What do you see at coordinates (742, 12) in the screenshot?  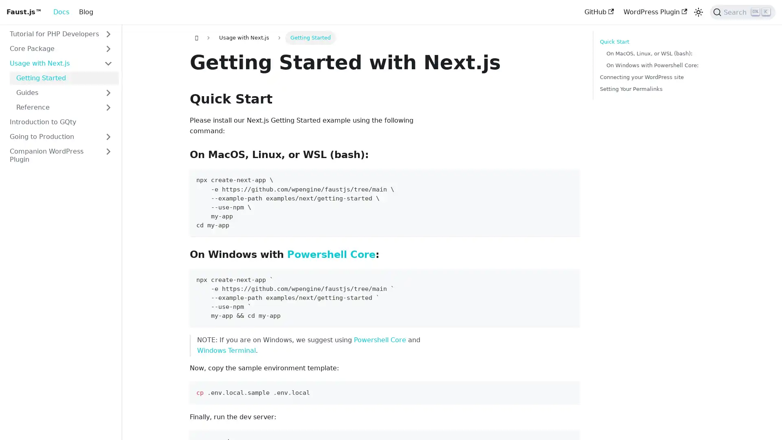 I see `Search` at bounding box center [742, 12].